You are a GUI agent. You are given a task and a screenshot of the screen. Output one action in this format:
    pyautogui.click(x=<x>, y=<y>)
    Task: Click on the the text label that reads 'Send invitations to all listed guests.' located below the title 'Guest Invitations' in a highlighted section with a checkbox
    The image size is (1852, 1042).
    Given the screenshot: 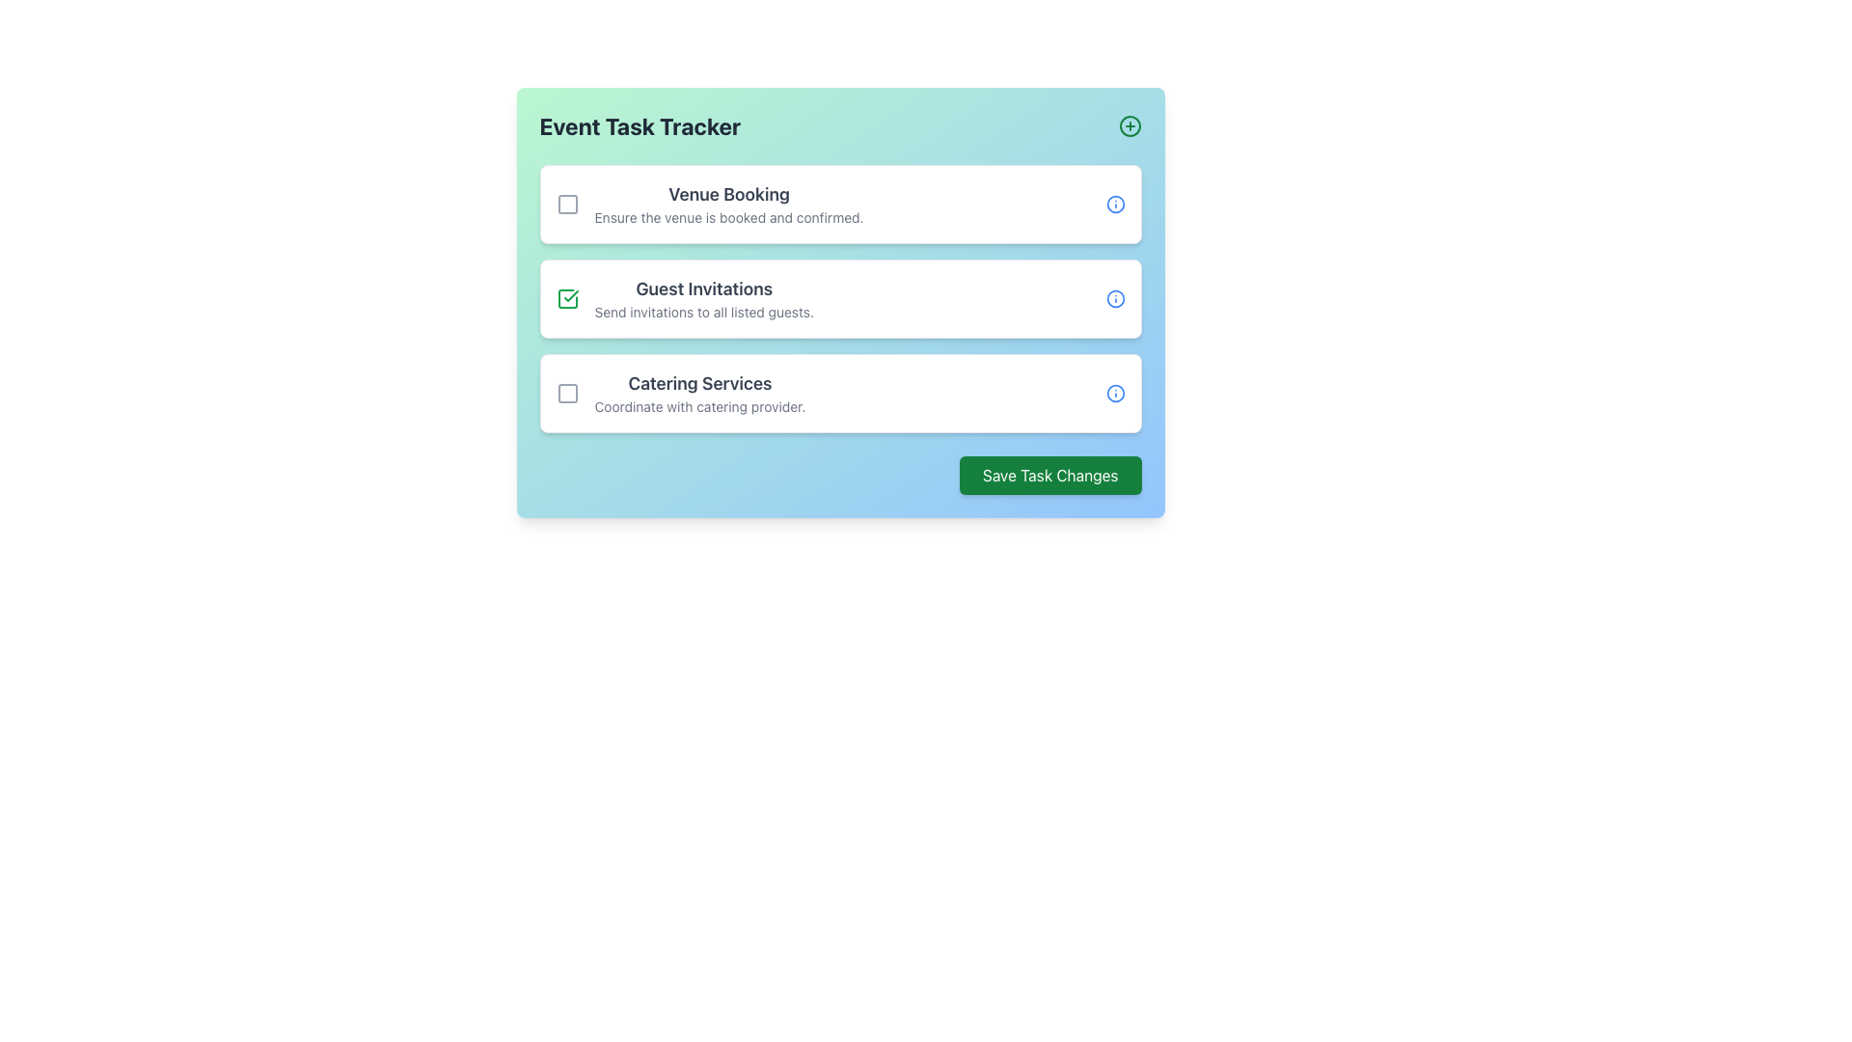 What is the action you would take?
    pyautogui.click(x=703, y=312)
    